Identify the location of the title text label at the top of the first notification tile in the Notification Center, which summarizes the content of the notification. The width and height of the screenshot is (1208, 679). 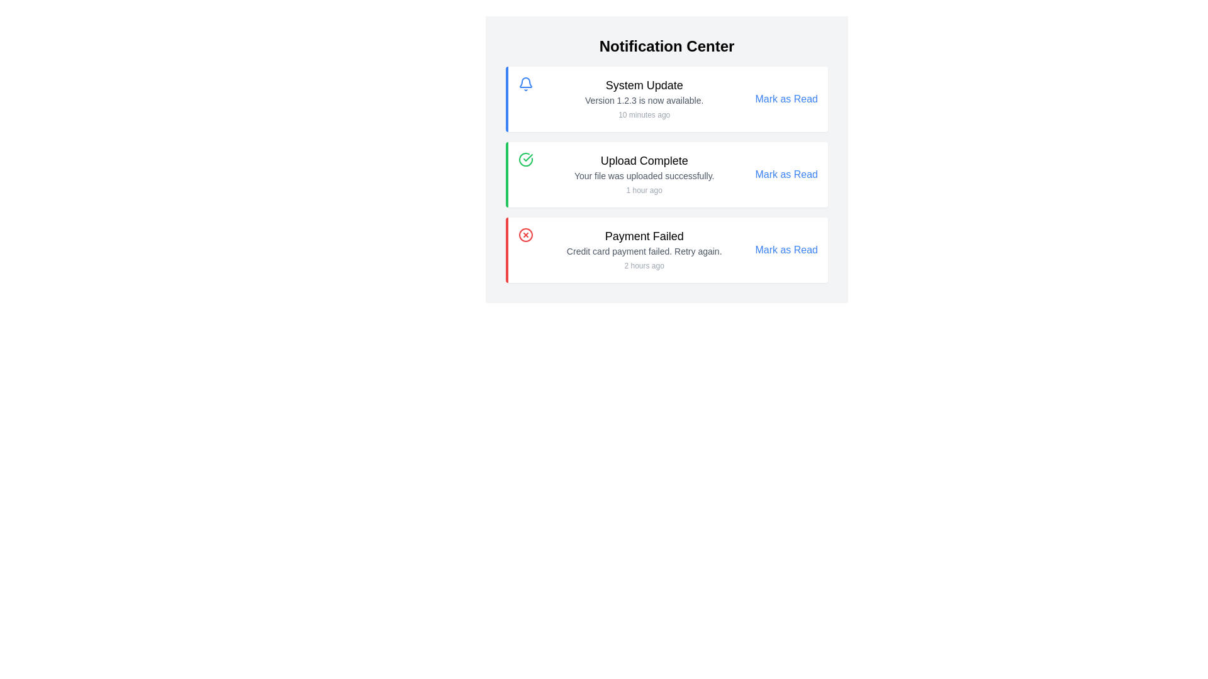
(644, 85).